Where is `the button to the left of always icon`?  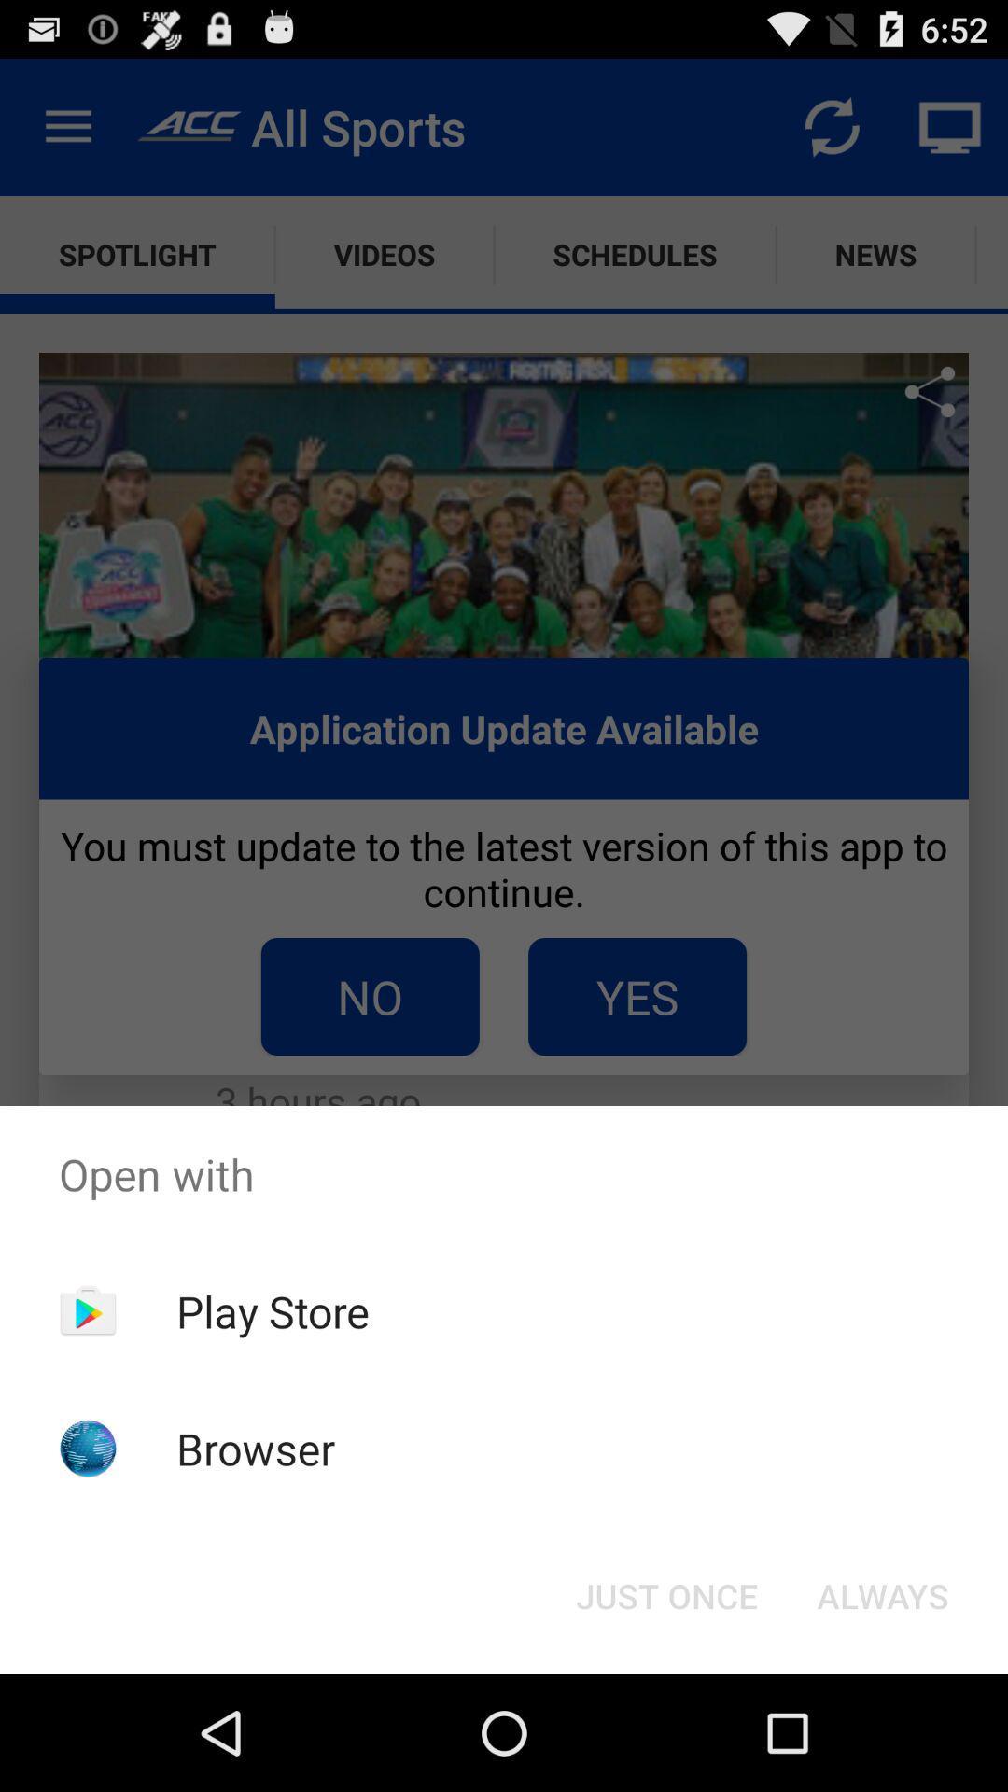
the button to the left of always icon is located at coordinates (665, 1594).